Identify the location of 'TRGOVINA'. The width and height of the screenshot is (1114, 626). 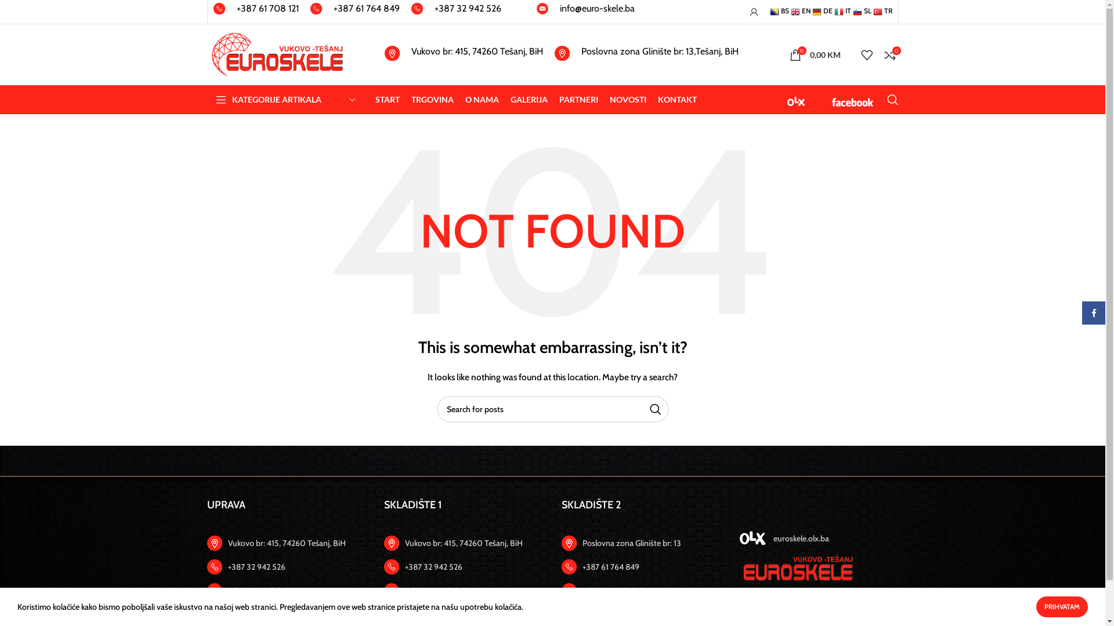
(431, 99).